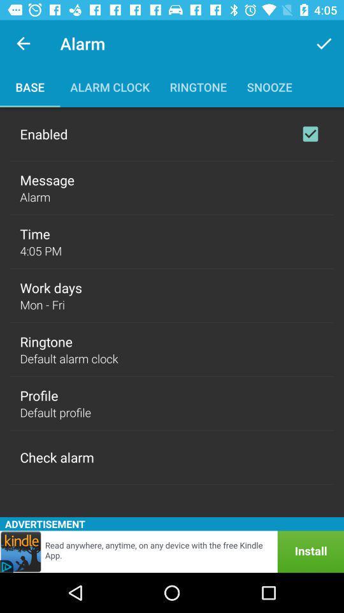 This screenshot has width=344, height=613. Describe the element at coordinates (23, 43) in the screenshot. I see `icon to the left of the alarm icon` at that location.